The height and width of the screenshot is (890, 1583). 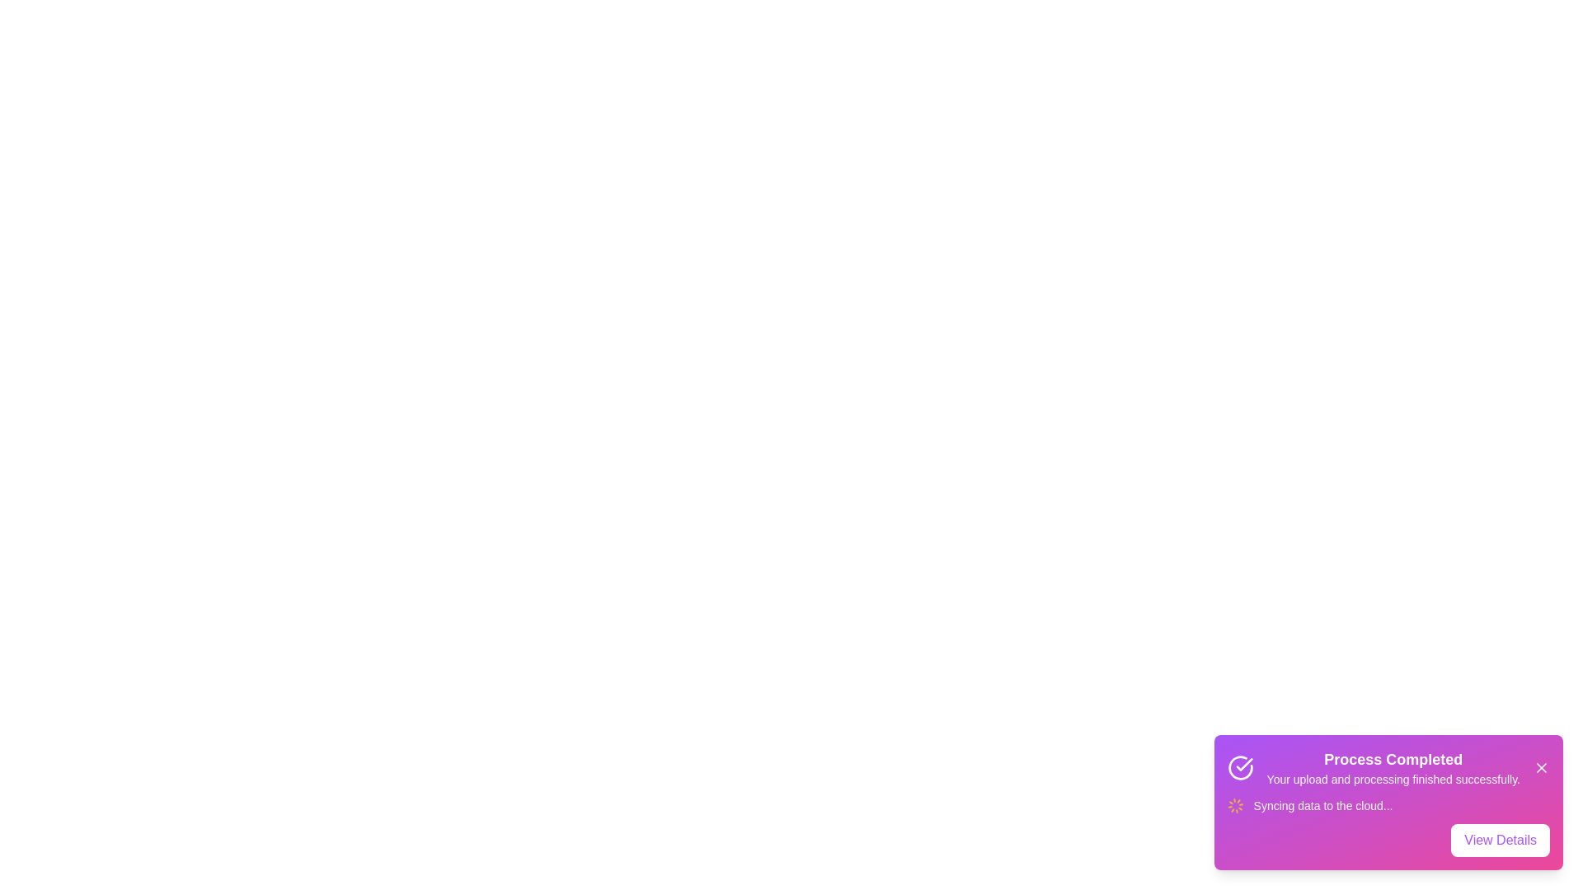 What do you see at coordinates (1541, 768) in the screenshot?
I see `the close button of the snackbar to dismiss it` at bounding box center [1541, 768].